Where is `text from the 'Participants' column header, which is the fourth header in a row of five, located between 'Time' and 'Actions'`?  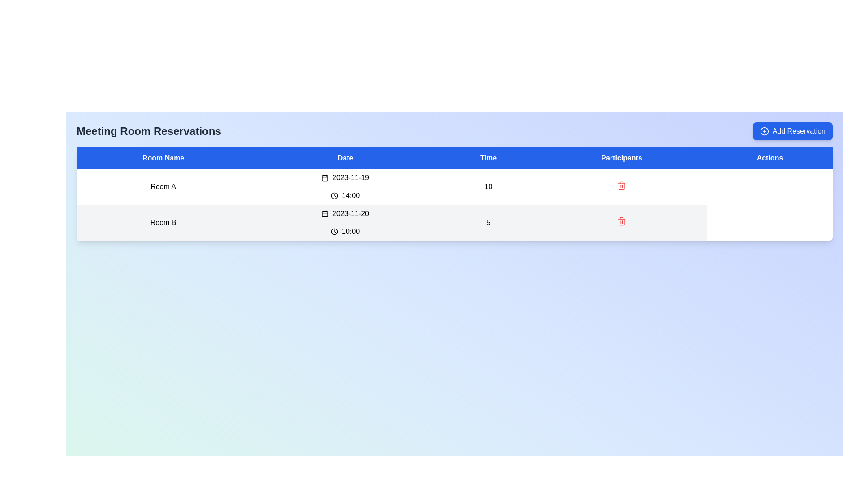 text from the 'Participants' column header, which is the fourth header in a row of five, located between 'Time' and 'Actions' is located at coordinates (621, 158).